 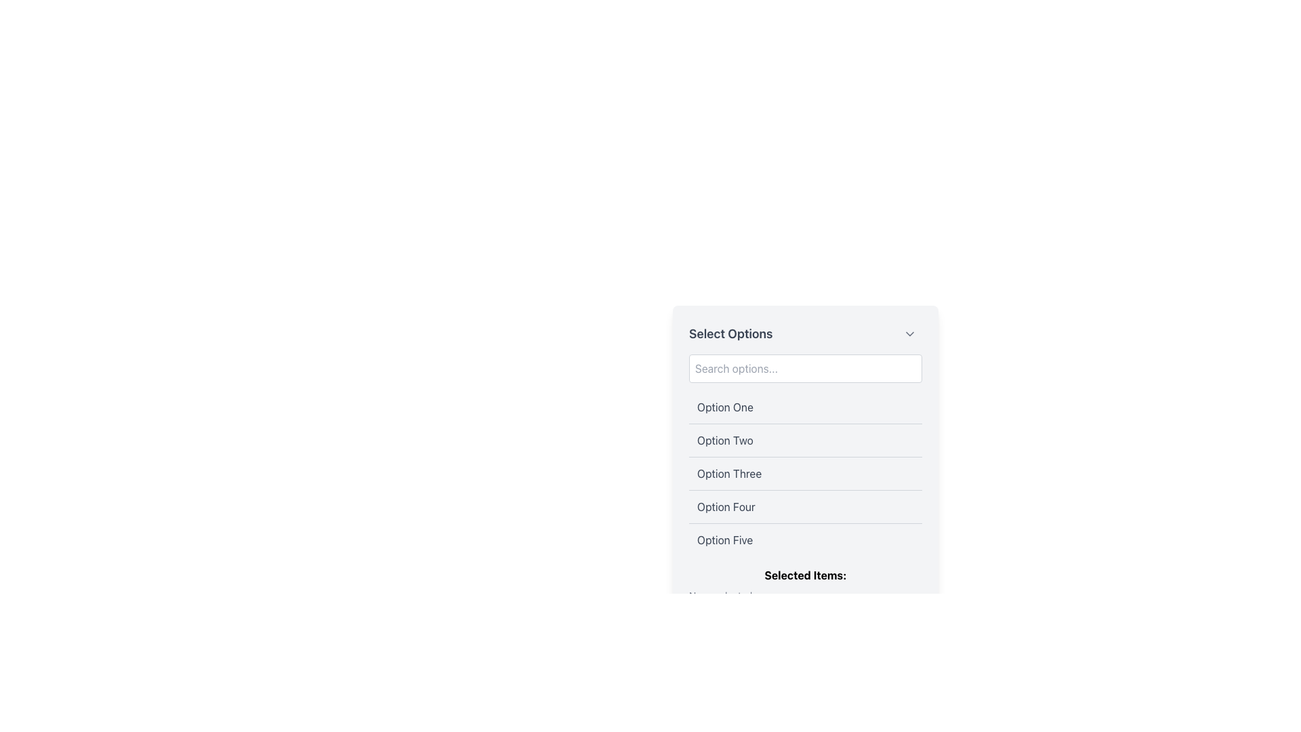 I want to click on the button located in the top-right corner of the 'Select Options' section, so click(x=910, y=334).